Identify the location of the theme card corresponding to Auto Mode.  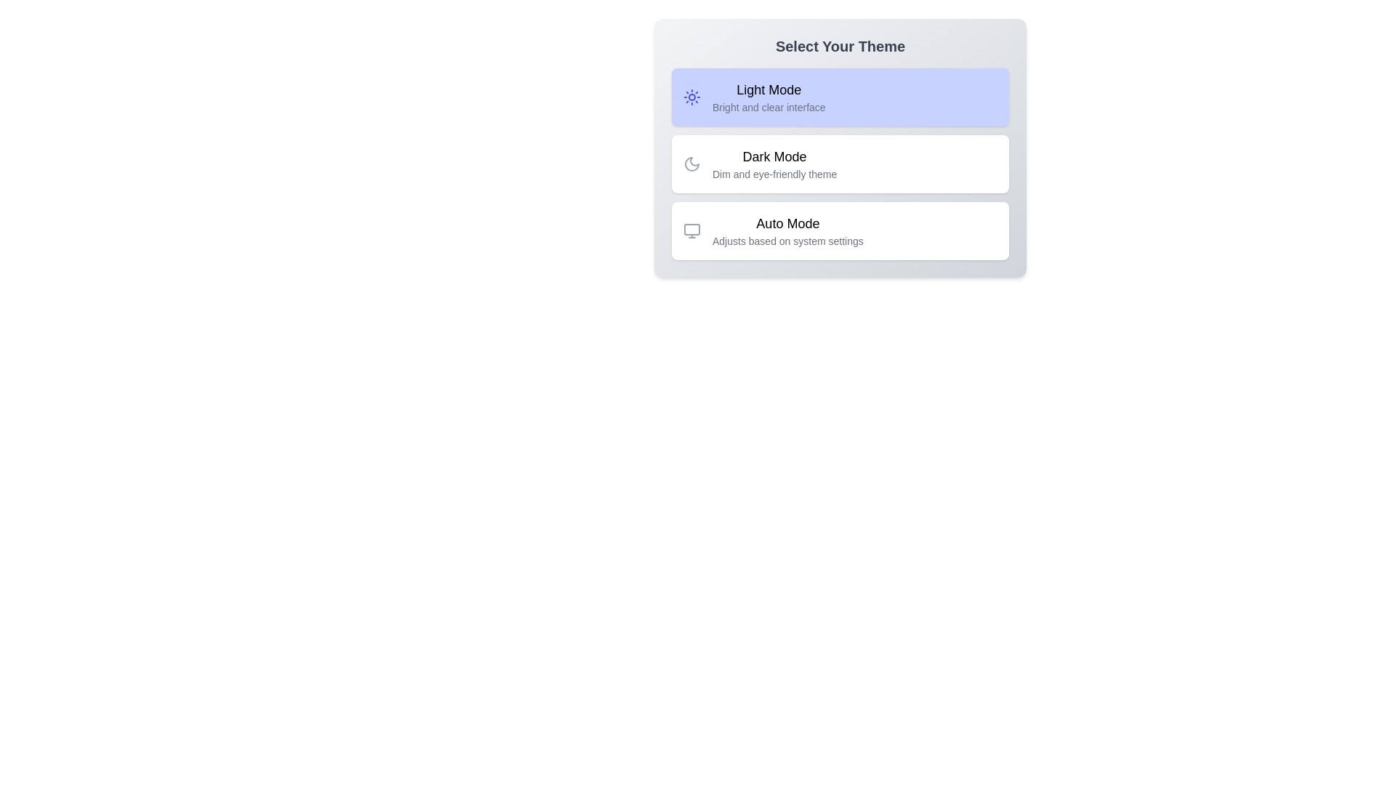
(841, 230).